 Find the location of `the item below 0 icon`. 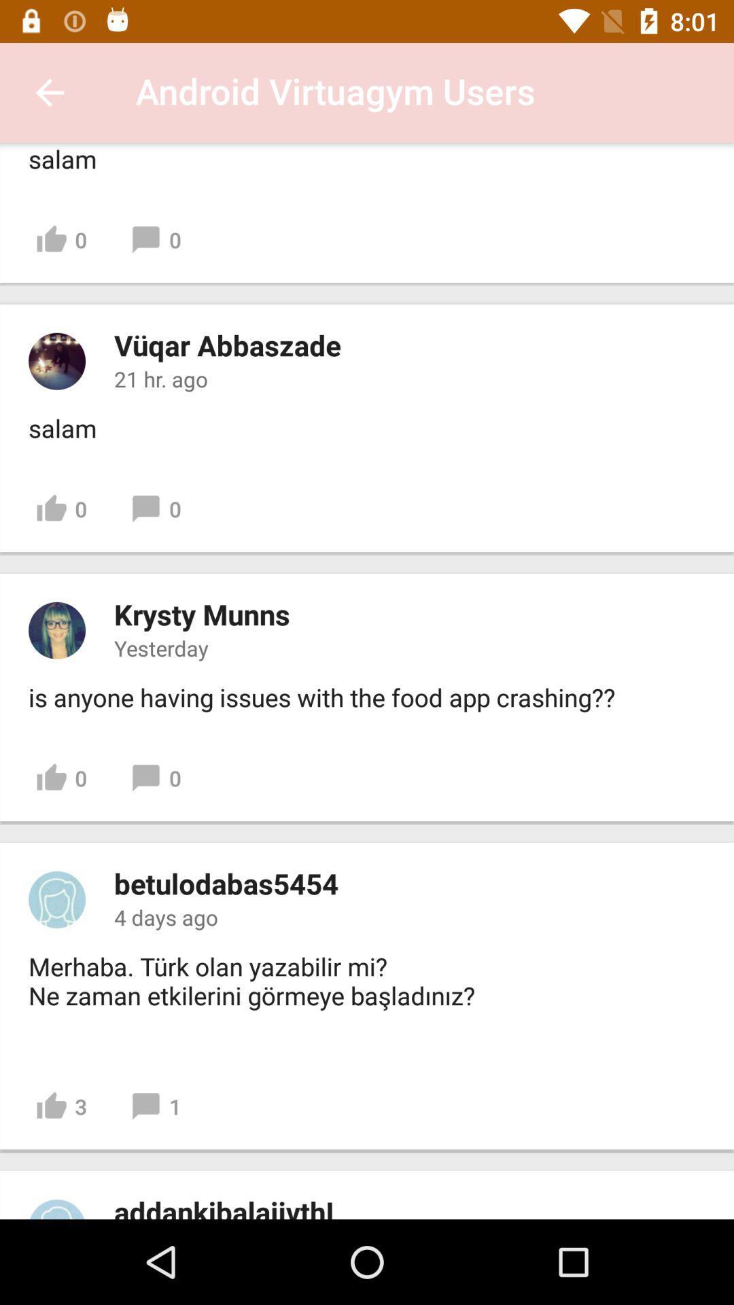

the item below 0 icon is located at coordinates (202, 613).